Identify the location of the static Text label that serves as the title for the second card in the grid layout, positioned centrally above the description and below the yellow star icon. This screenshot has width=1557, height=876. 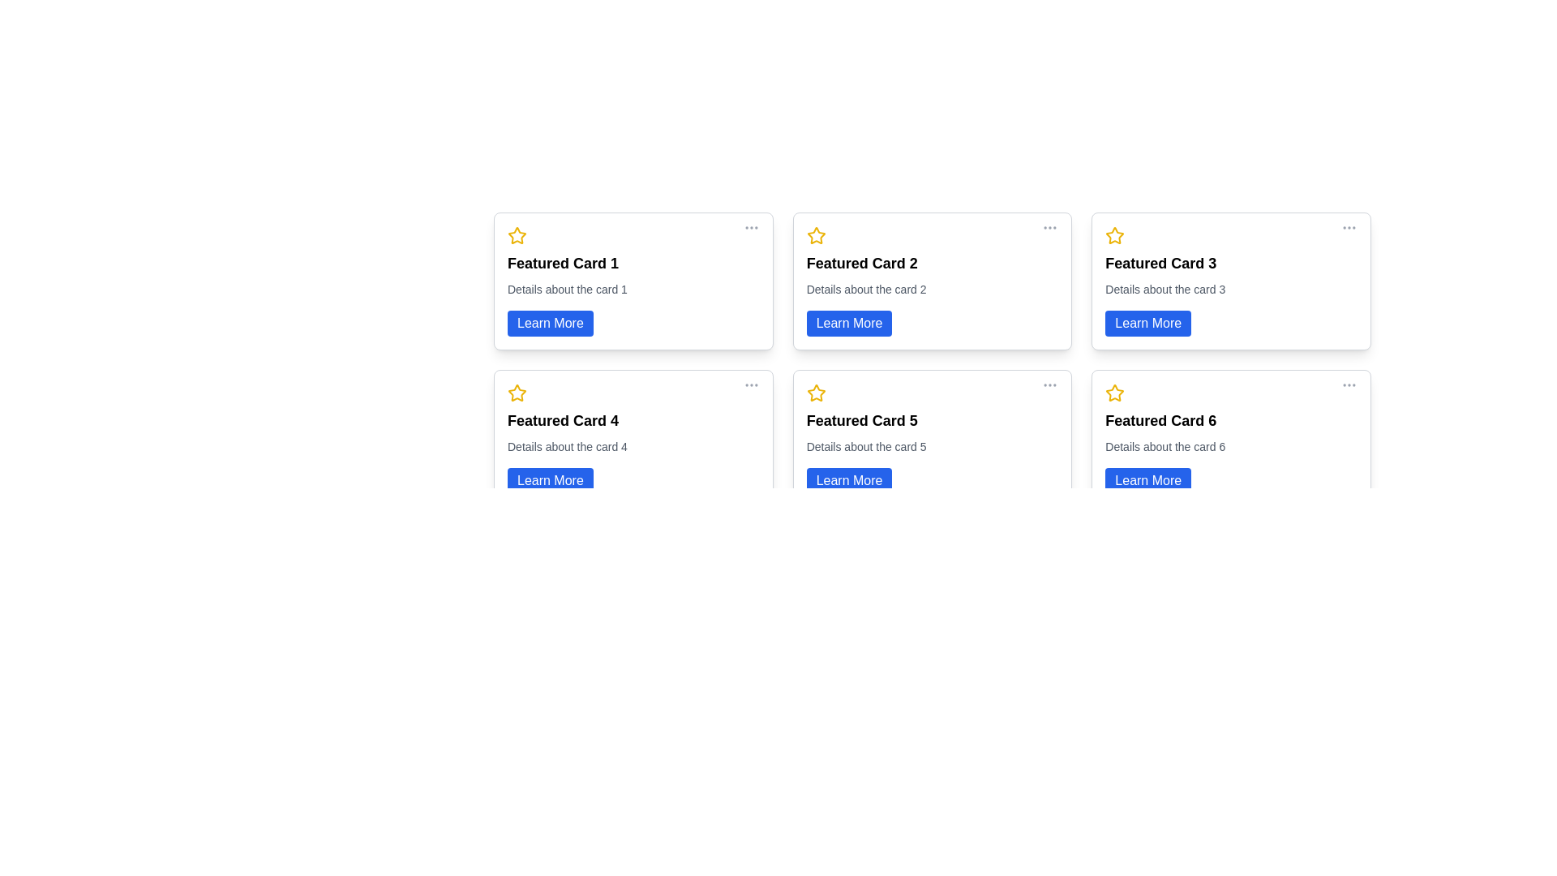
(861, 262).